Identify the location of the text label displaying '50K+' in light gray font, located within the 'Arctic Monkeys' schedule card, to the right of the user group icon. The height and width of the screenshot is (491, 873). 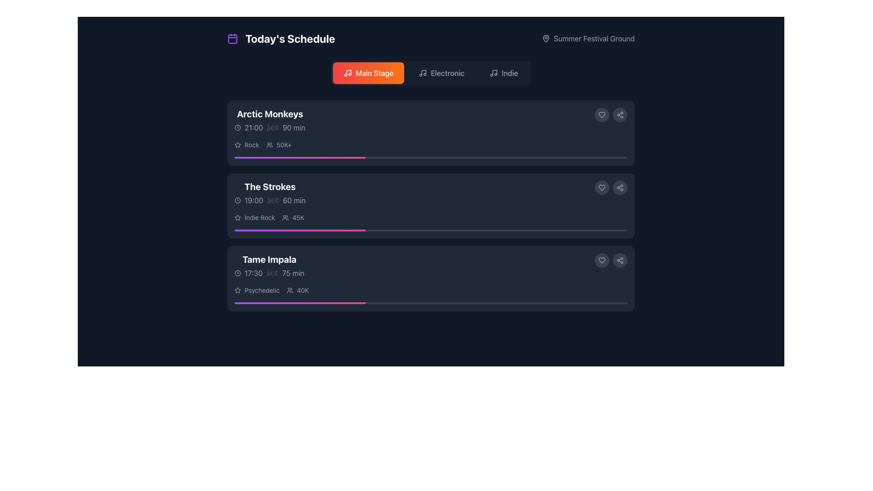
(283, 145).